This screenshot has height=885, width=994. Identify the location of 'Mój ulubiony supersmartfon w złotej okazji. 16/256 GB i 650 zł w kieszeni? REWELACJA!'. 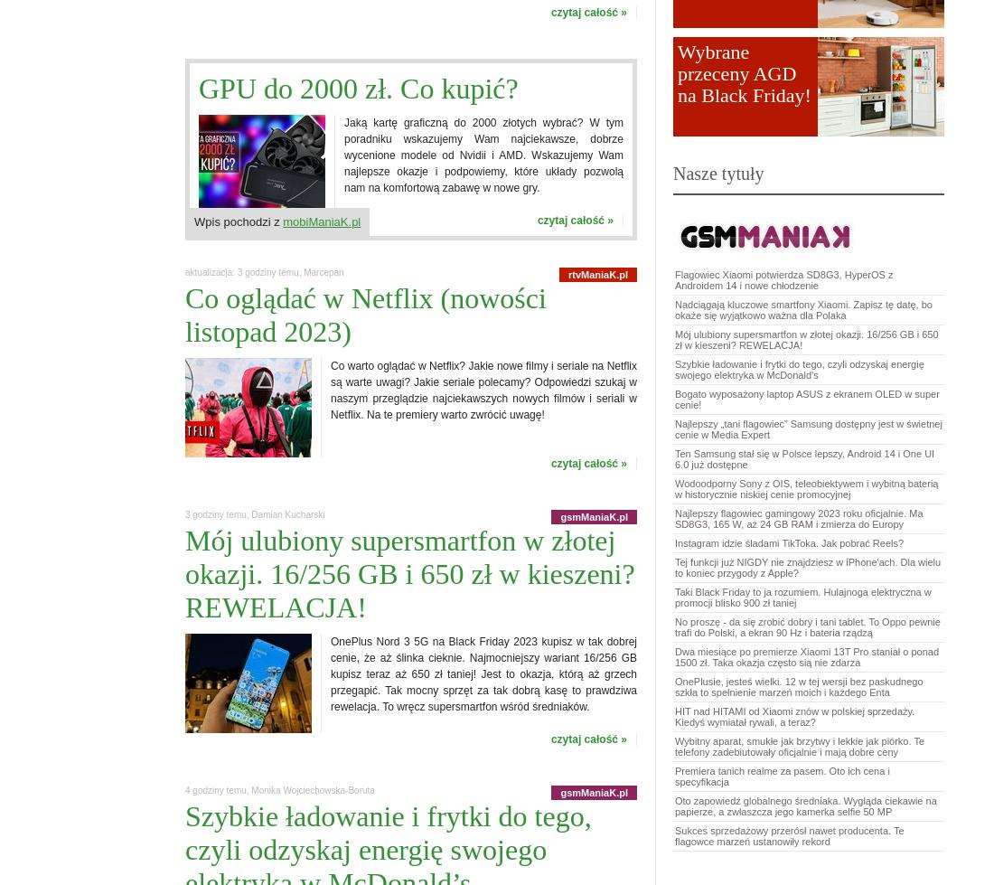
(805, 340).